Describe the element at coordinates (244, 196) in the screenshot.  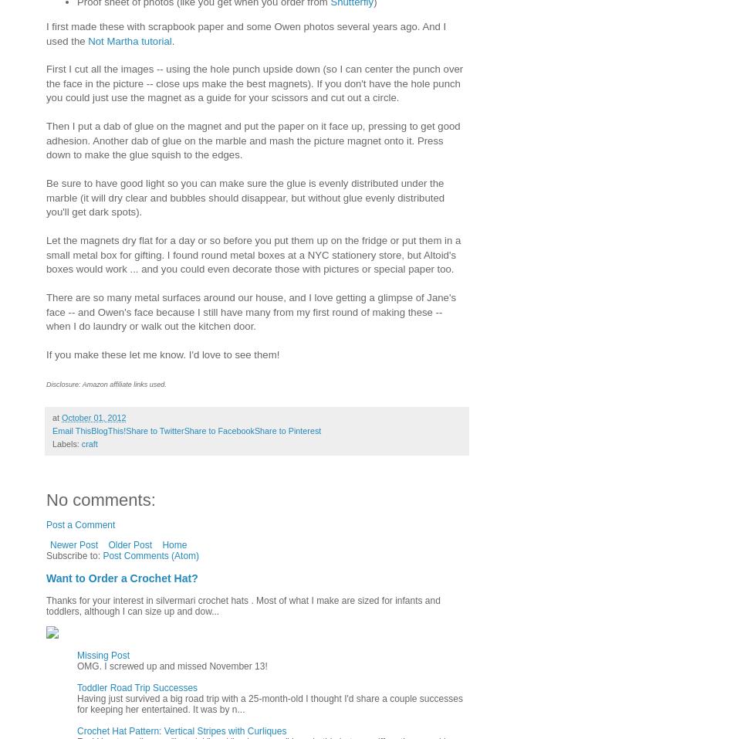
I see `'Be sure to have good light so you can make sure the glue is evenly distributed under the marble (it will dry clear and bubbles should disappear, but without glue evenly distributed you'll get dark spots).'` at that location.